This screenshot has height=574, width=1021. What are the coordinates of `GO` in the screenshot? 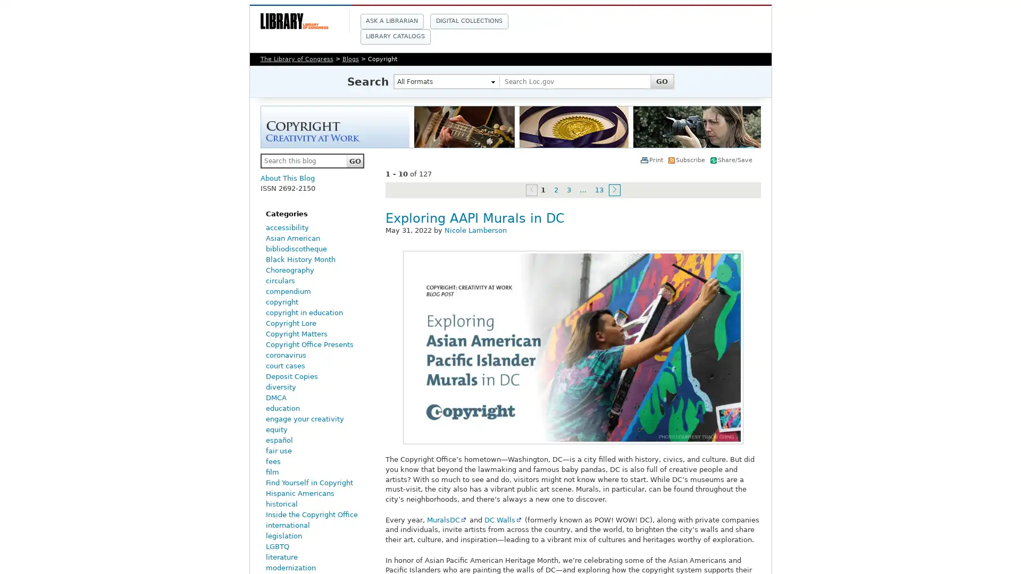 It's located at (355, 161).